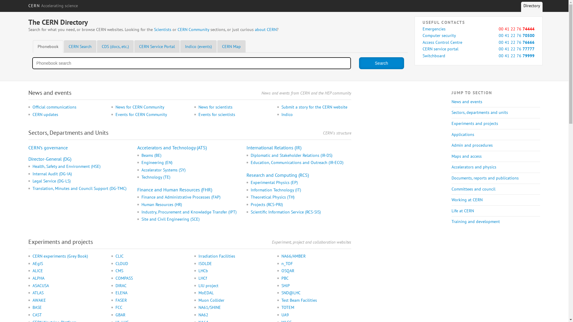  What do you see at coordinates (381, 63) in the screenshot?
I see `'Search'` at bounding box center [381, 63].